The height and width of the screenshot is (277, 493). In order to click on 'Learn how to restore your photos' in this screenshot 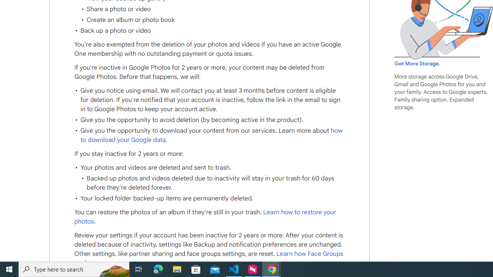, I will do `click(205, 217)`.